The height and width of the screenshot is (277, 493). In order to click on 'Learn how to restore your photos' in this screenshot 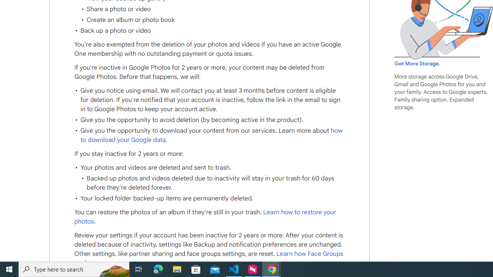, I will do `click(205, 217)`.